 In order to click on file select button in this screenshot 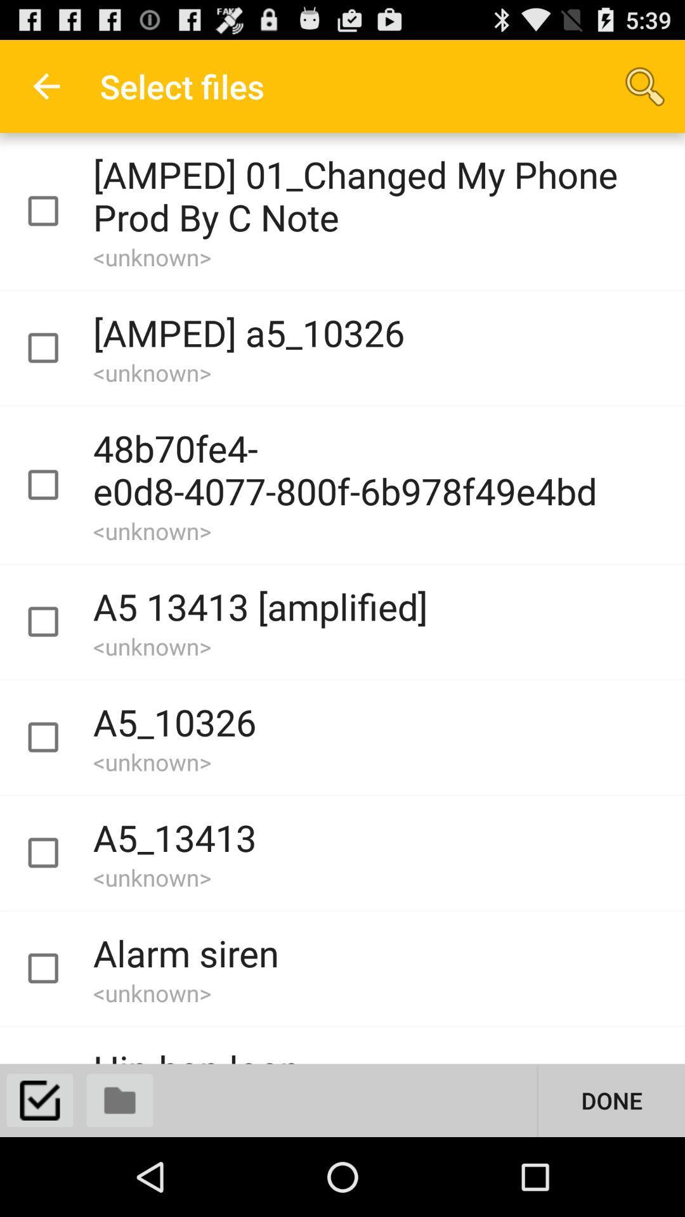, I will do `click(54, 484)`.